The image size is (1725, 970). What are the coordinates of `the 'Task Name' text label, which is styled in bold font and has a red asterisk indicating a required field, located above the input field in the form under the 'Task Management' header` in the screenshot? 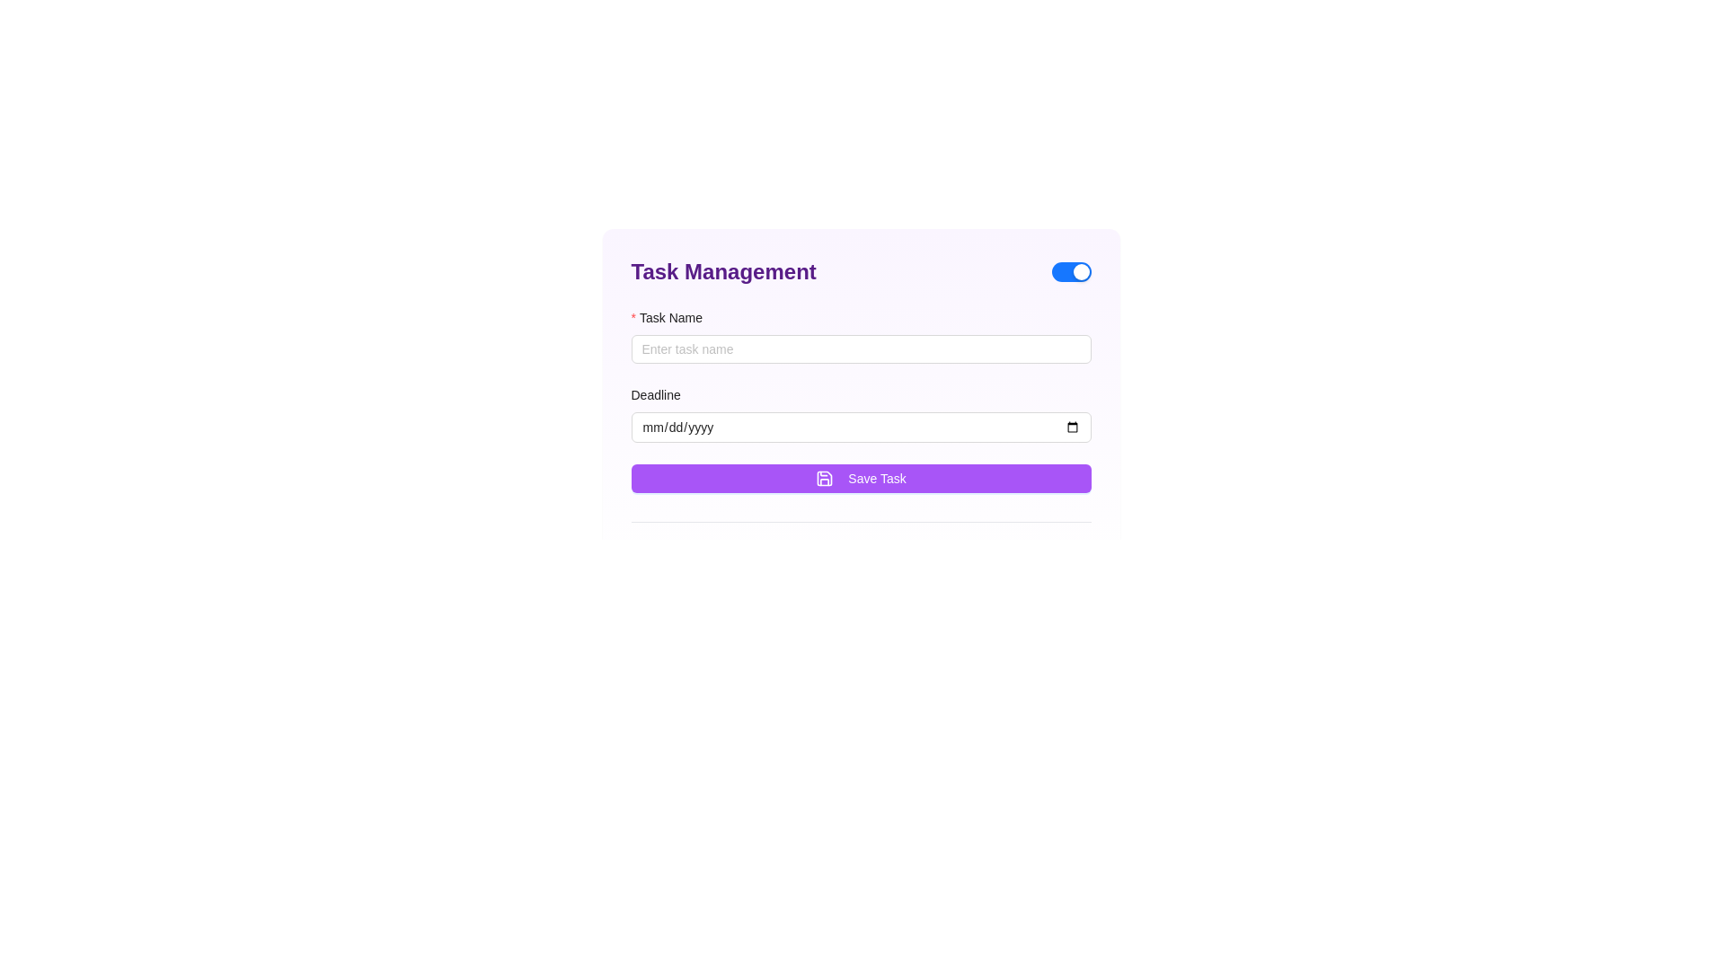 It's located at (672, 317).